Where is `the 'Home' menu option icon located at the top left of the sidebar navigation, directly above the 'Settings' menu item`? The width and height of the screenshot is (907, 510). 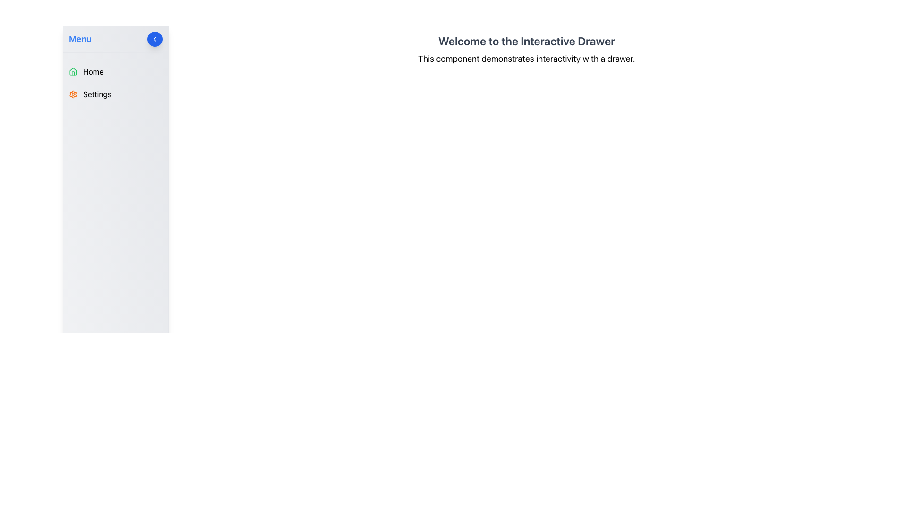
the 'Home' menu option icon located at the top left of the sidebar navigation, directly above the 'Settings' menu item is located at coordinates (72, 71).